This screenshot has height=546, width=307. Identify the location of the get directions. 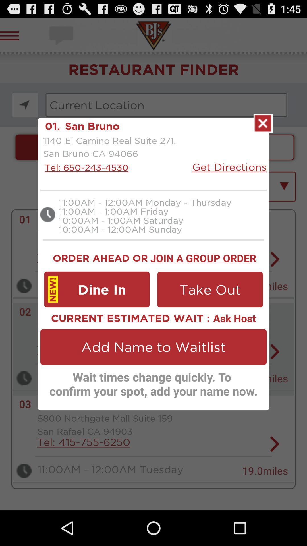
(229, 167).